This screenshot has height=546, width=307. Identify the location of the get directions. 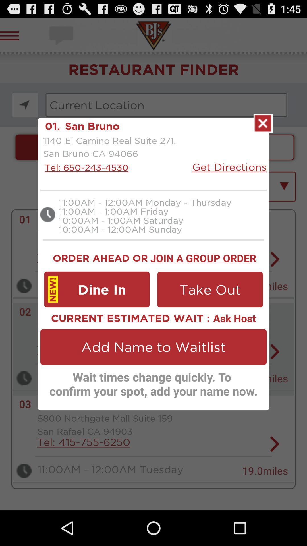
(229, 167).